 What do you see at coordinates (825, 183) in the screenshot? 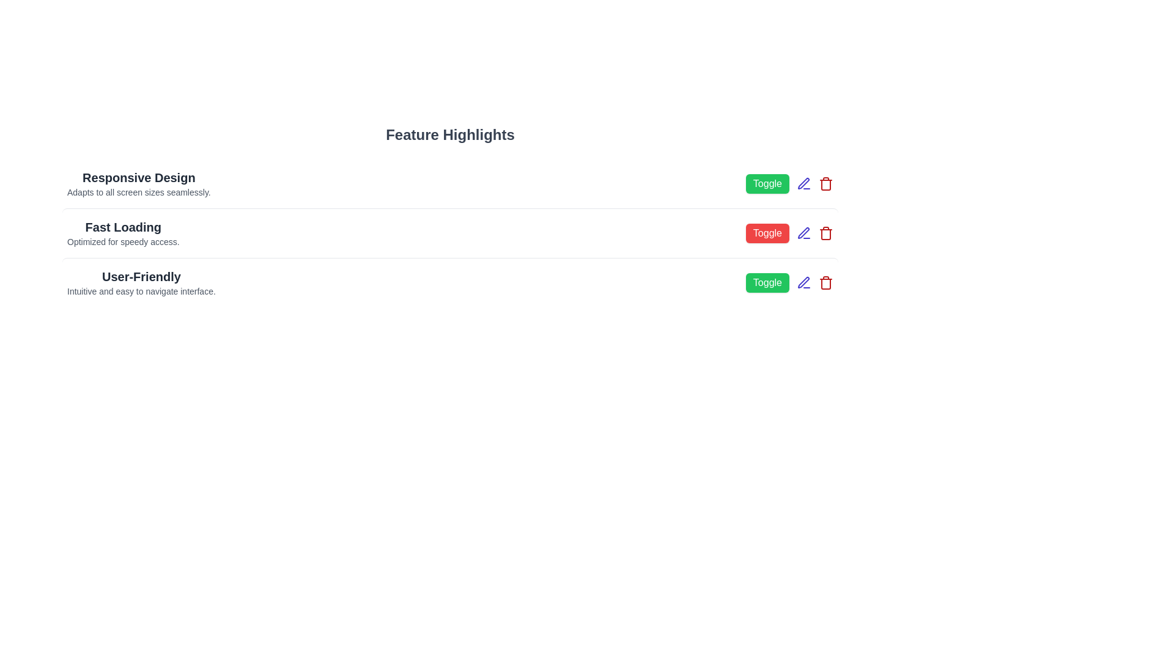
I see `the delete button for the feature 'Responsive Design'` at bounding box center [825, 183].